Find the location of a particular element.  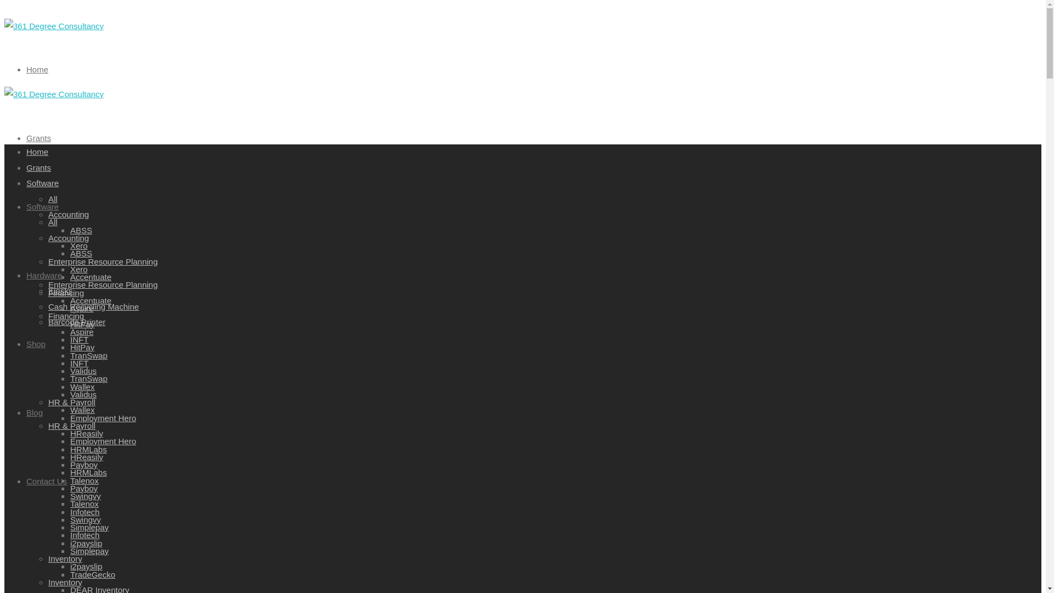

'Wallex' is located at coordinates (81, 386).